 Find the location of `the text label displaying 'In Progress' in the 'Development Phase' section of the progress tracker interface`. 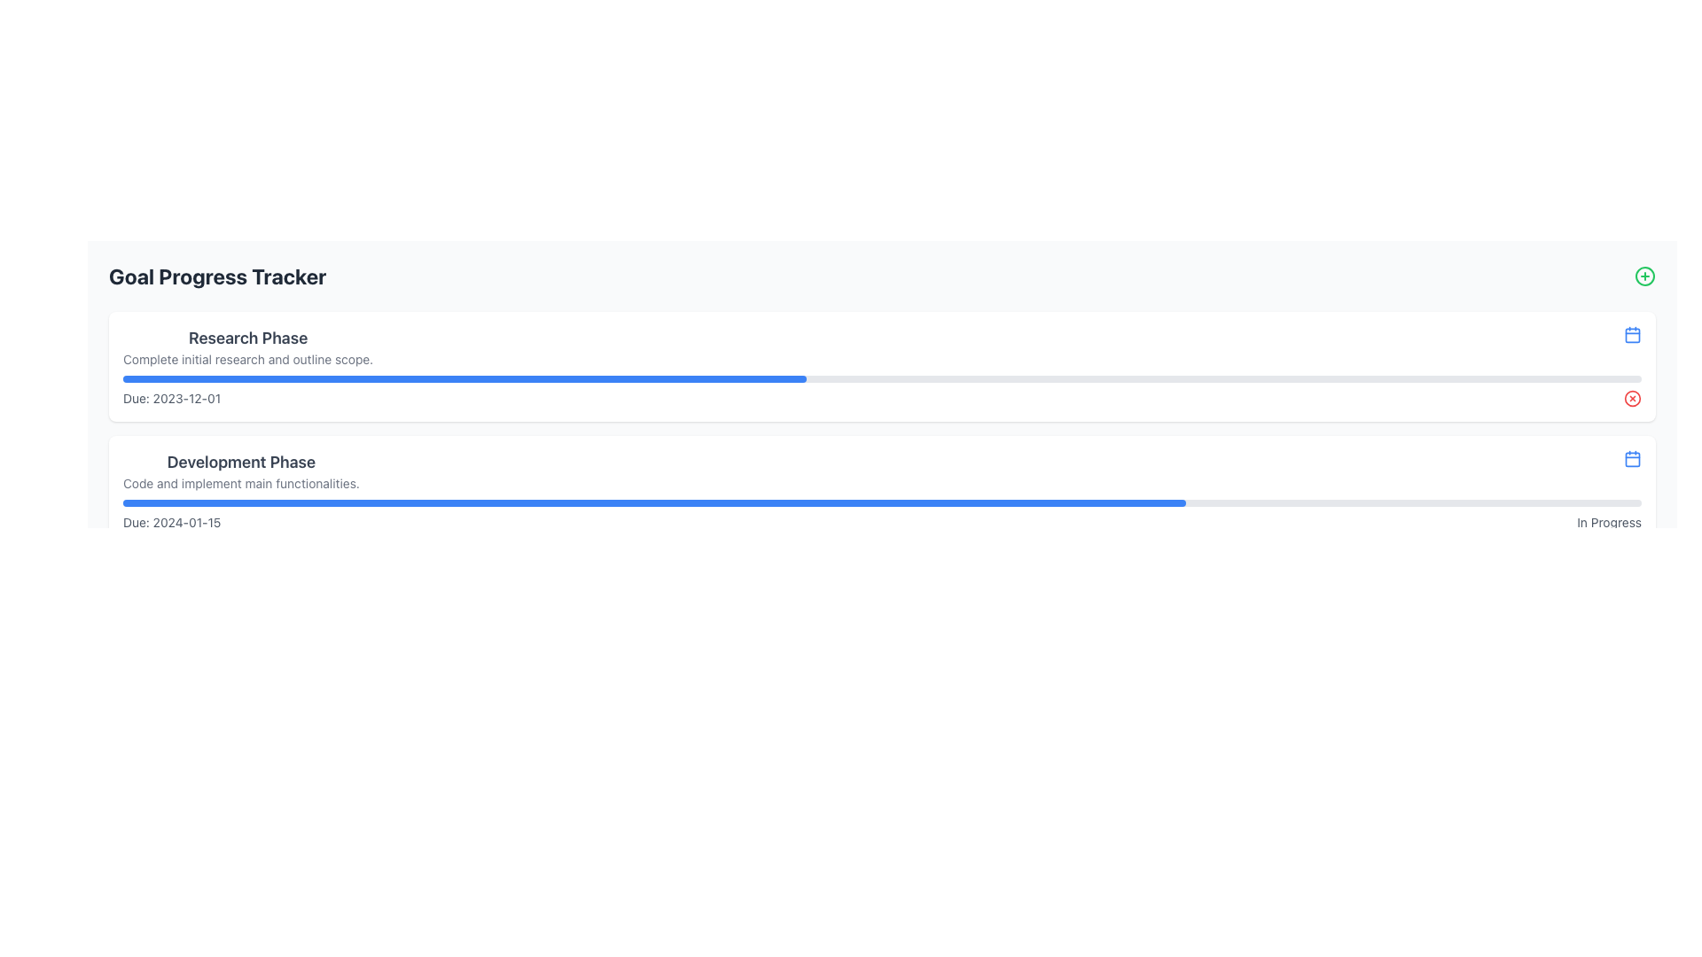

the text label displaying 'In Progress' in the 'Development Phase' section of the progress tracker interface is located at coordinates (1609, 522).